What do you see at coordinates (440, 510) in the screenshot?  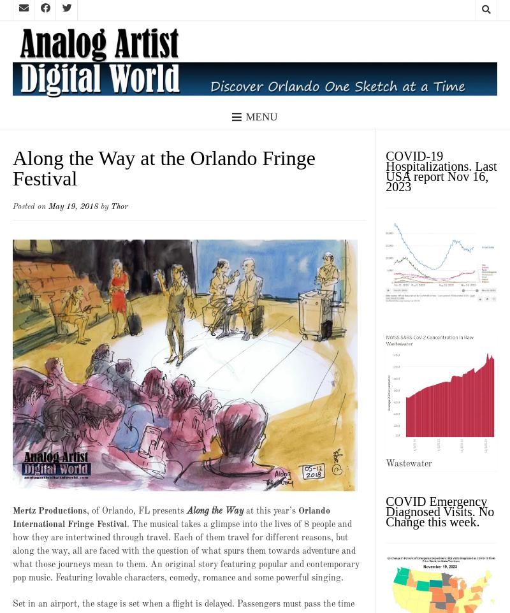 I see `'COVID Emergency Diagnosed Visits. No Change this week.'` at bounding box center [440, 510].